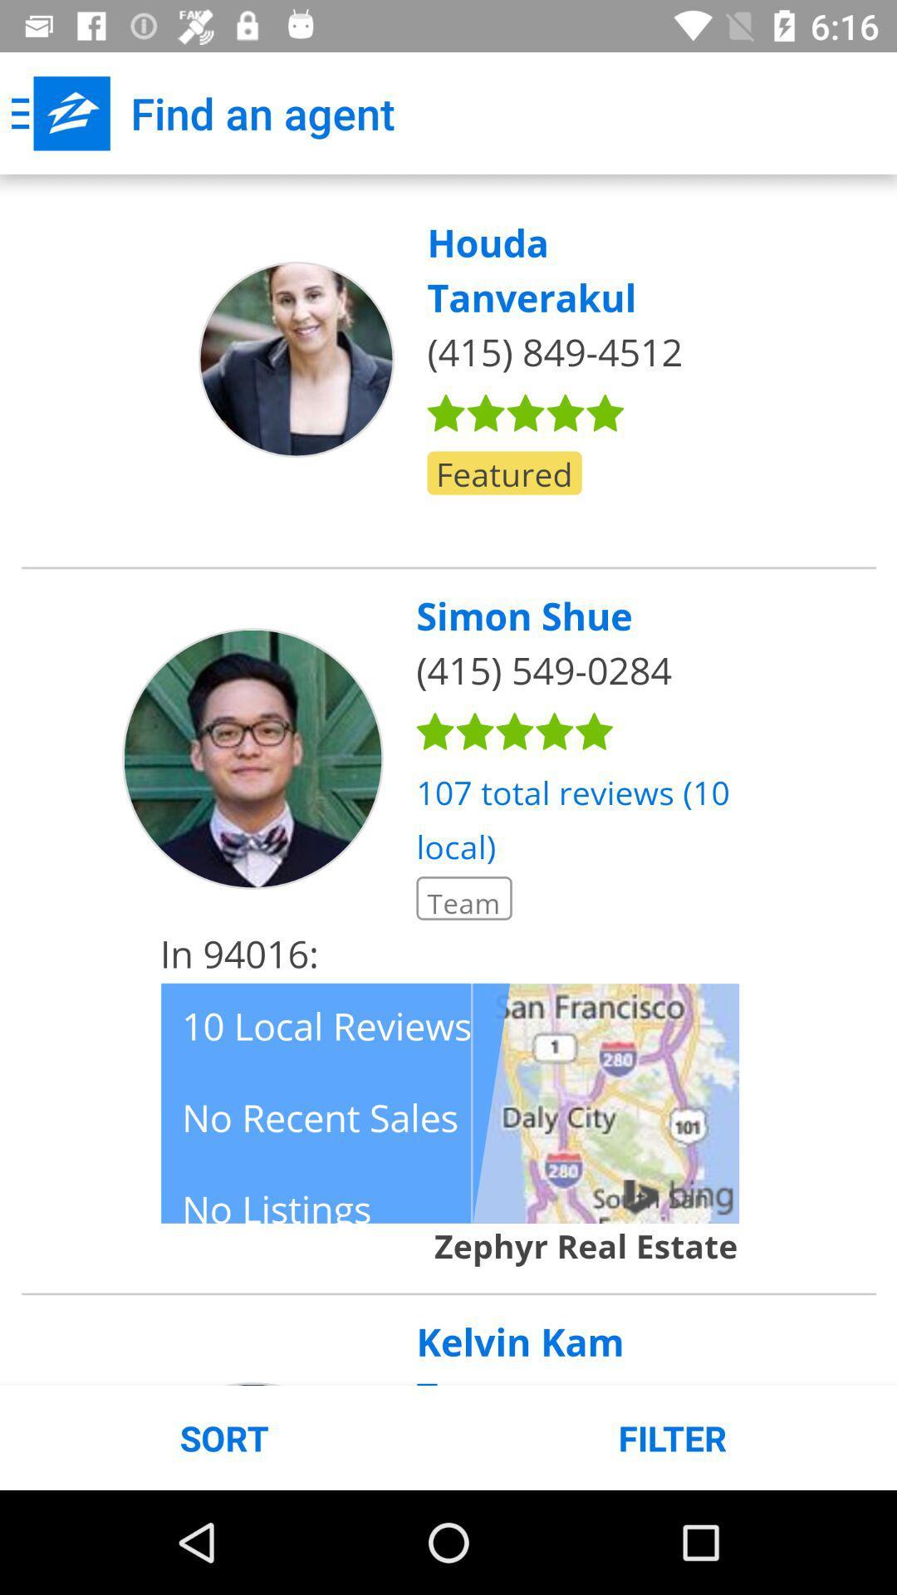 The image size is (897, 1595). Describe the element at coordinates (448, 779) in the screenshot. I see `read reviews` at that location.